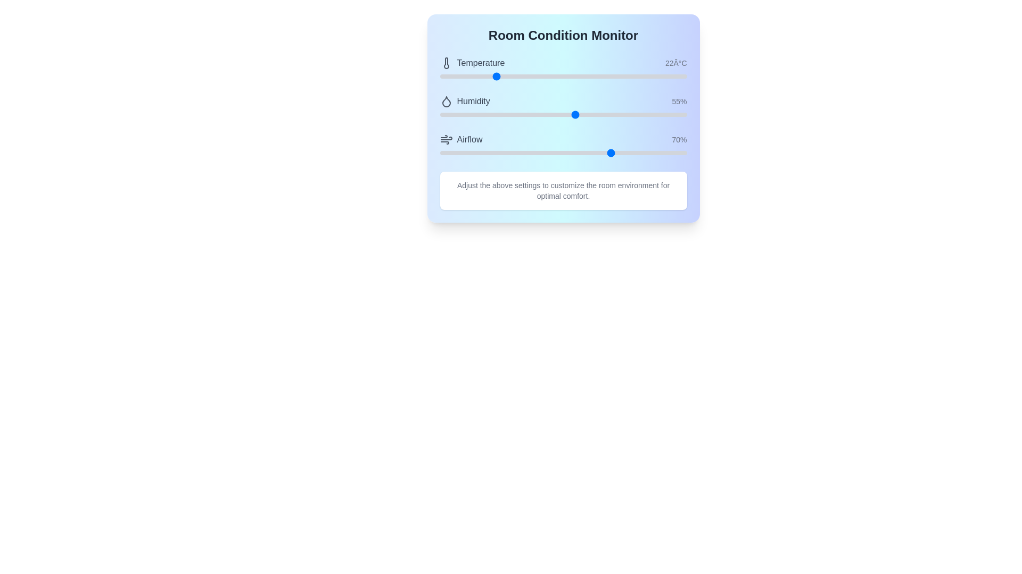 The height and width of the screenshot is (574, 1022). Describe the element at coordinates (563, 35) in the screenshot. I see `the large, bold, centrally aligned text label reading 'Room Condition Monitor' that is prominently displayed at the top center of the interface` at that location.